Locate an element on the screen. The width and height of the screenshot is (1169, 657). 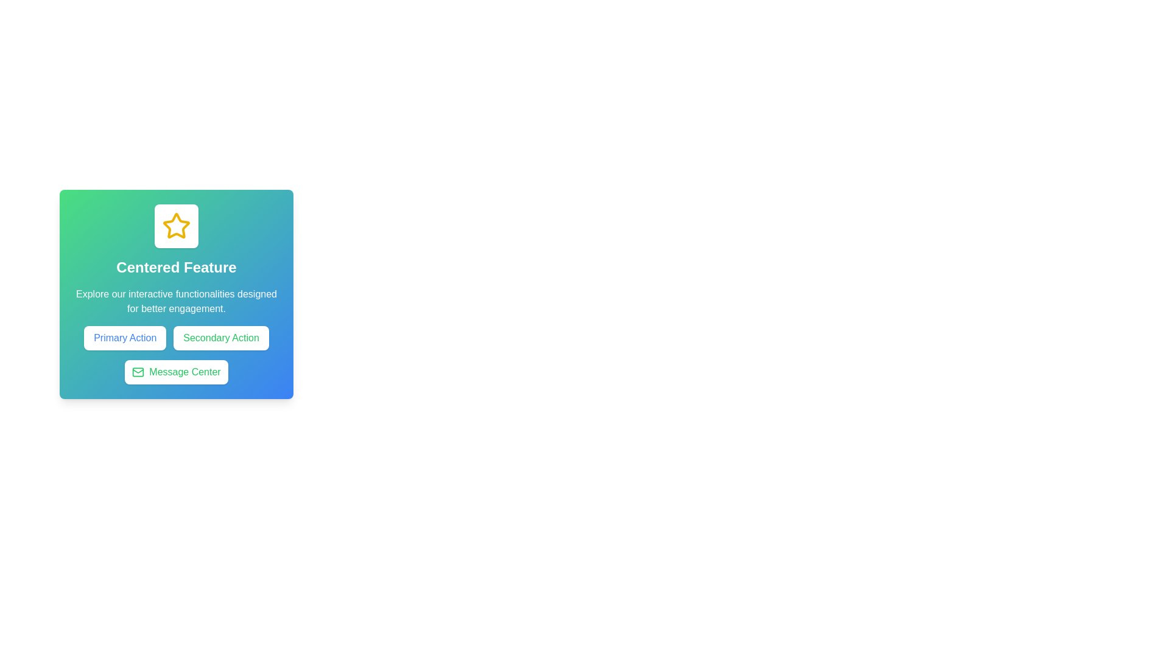
the decorative vector graphic element that is part of an envelope icon, located at the bottom of a card-like component beneath the 'Centered Feature' text is located at coordinates (138, 370).